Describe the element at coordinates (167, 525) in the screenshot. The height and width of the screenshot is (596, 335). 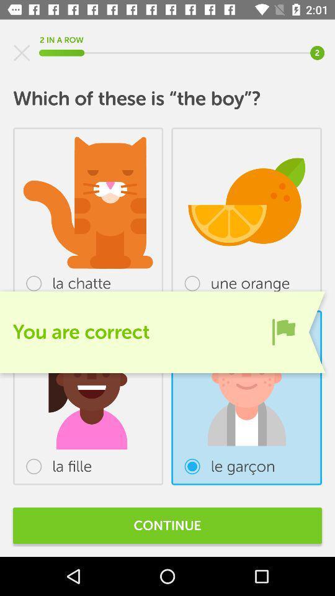
I see `continue` at that location.